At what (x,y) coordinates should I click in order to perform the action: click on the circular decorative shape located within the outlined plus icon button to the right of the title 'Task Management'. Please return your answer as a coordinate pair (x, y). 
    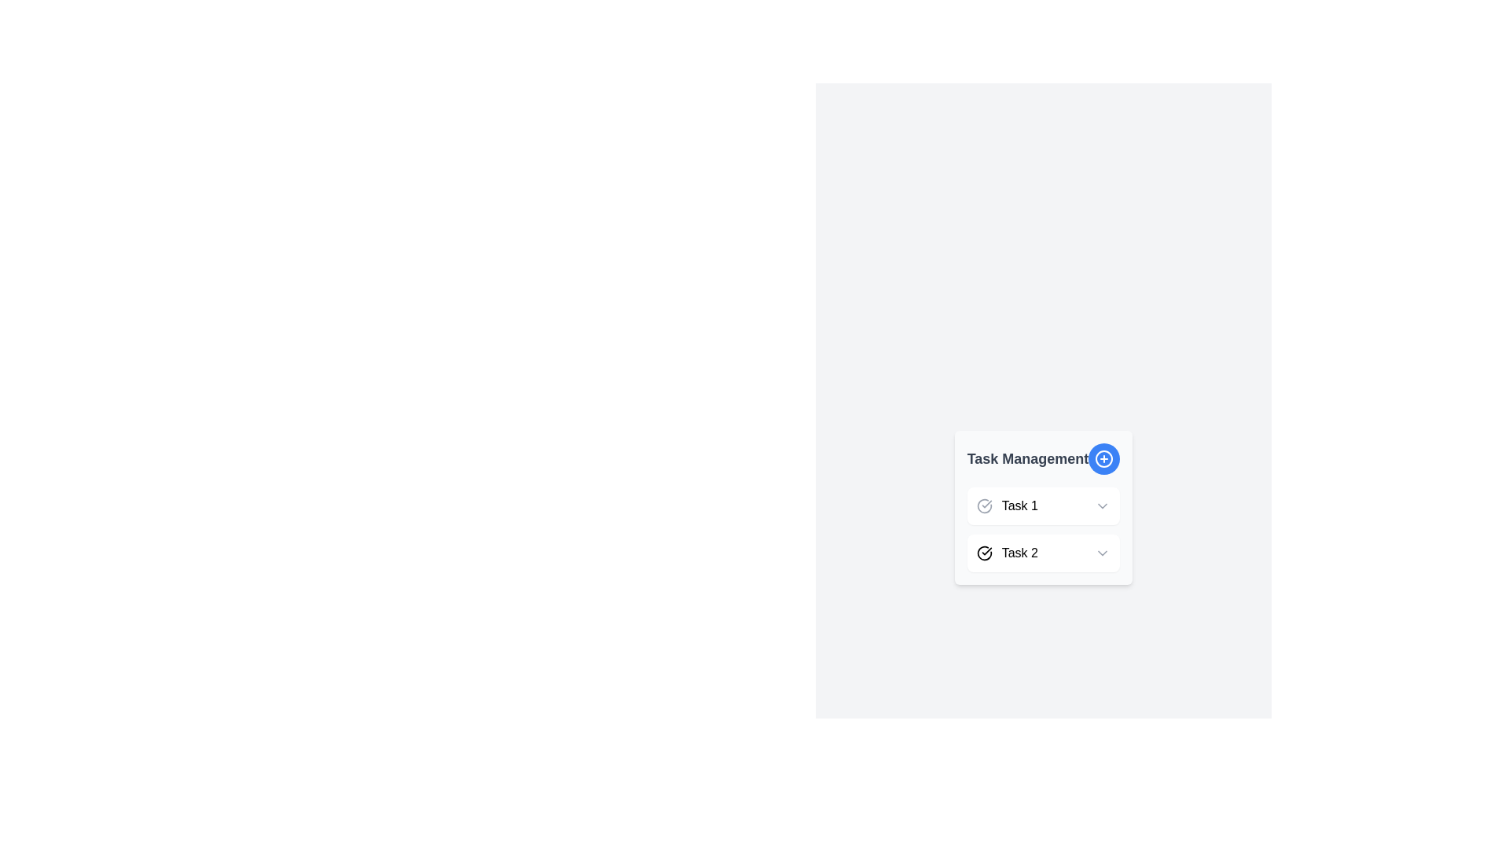
    Looking at the image, I should click on (1103, 458).